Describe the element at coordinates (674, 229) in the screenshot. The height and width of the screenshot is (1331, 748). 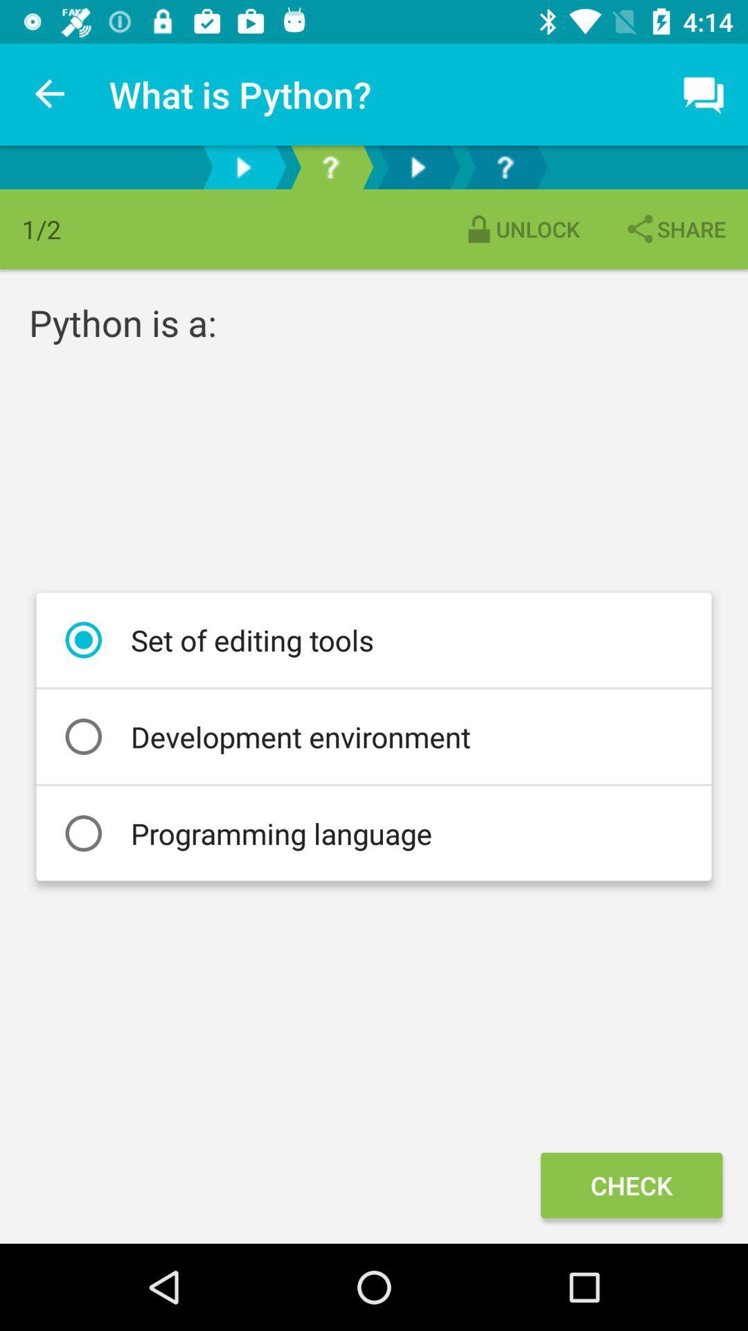
I see `the item next to unlock item` at that location.